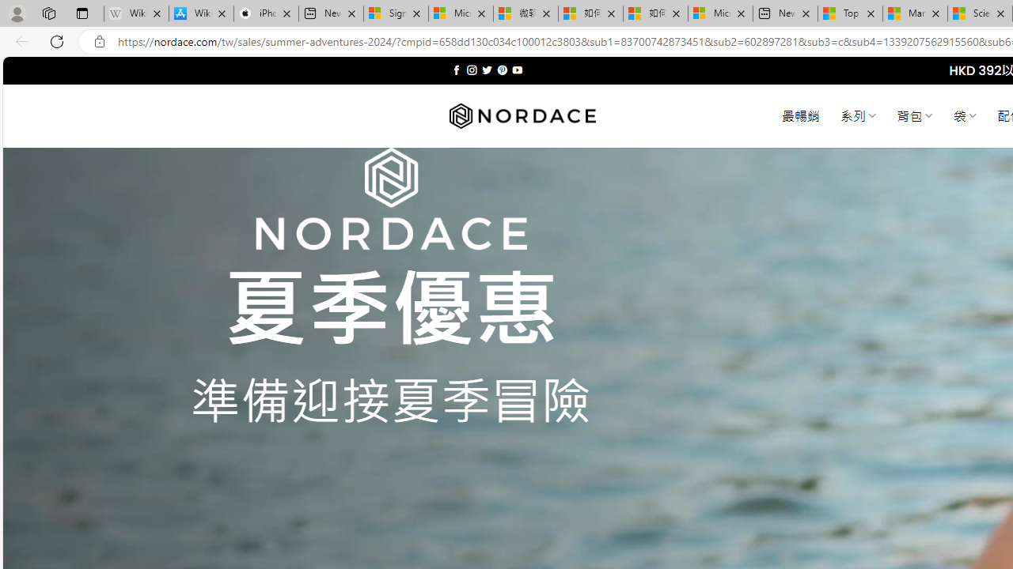 The width and height of the screenshot is (1013, 569). What do you see at coordinates (266, 13) in the screenshot?
I see `'iPhone - Apple'` at bounding box center [266, 13].